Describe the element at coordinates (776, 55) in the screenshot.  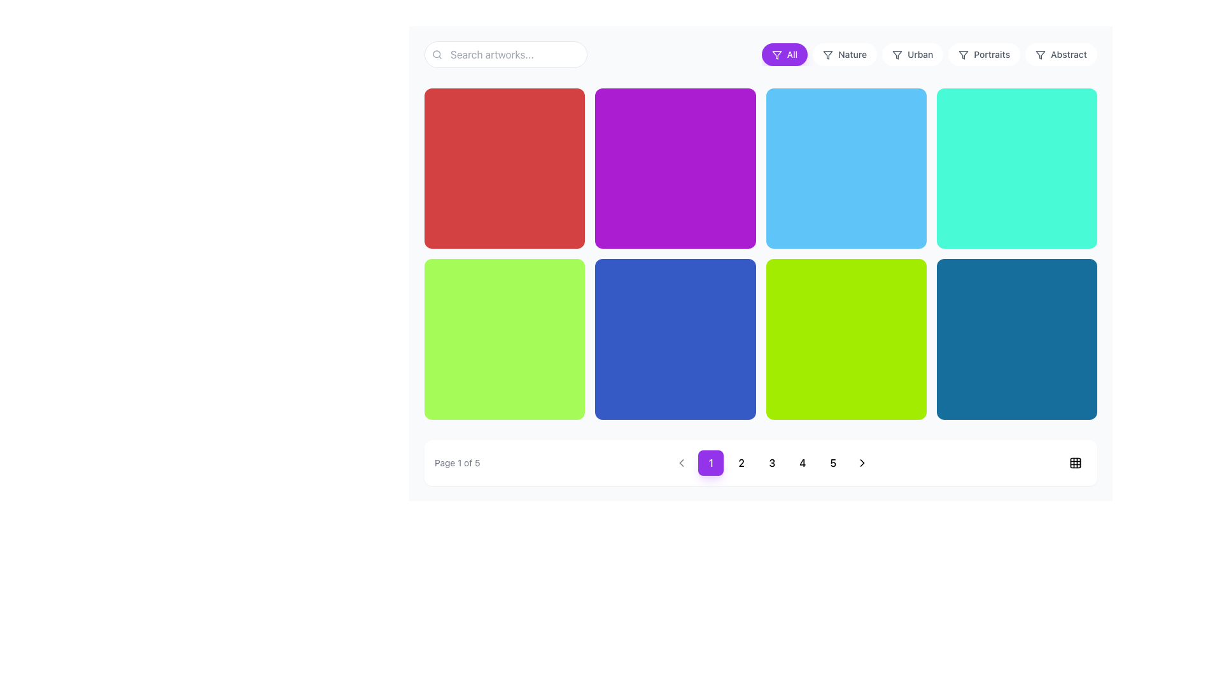
I see `the filter icon located in the header section, which is aligned alongside the 'All' button with a purple background` at that location.